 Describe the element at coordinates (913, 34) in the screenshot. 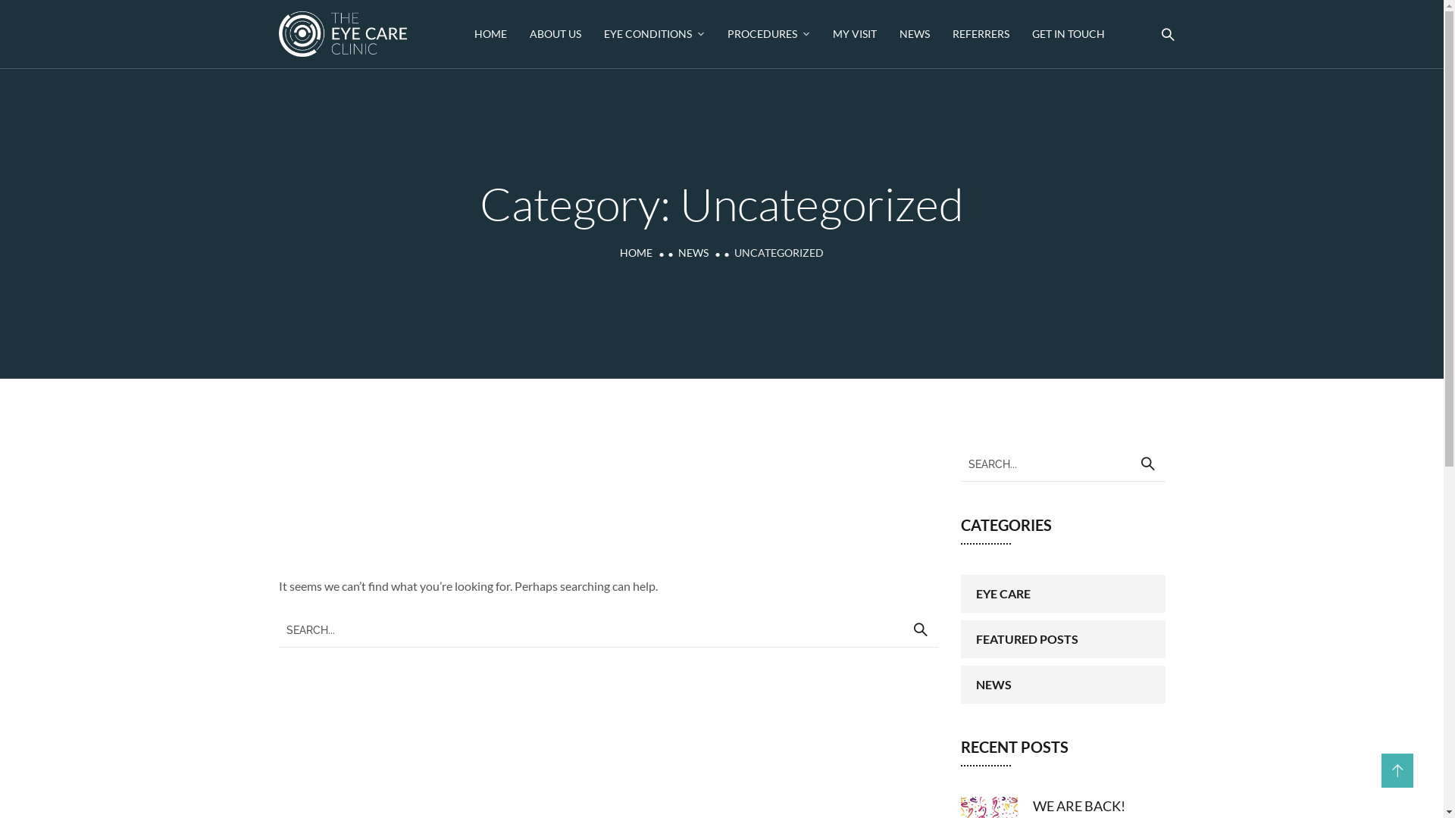

I see `'NEWS'` at that location.